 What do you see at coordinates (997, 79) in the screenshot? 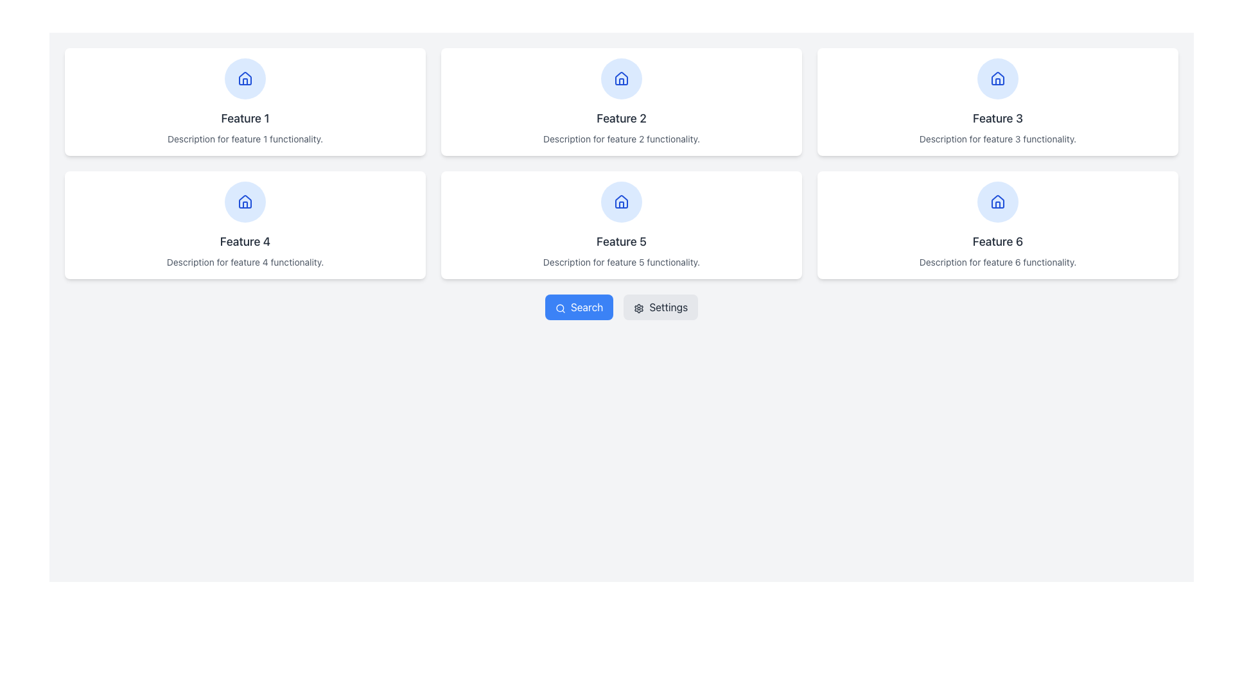
I see `the circular icon at the top of the box labeled 'Feature 3', which is in the first row, third column of a 2x3 grid of similar items` at bounding box center [997, 79].